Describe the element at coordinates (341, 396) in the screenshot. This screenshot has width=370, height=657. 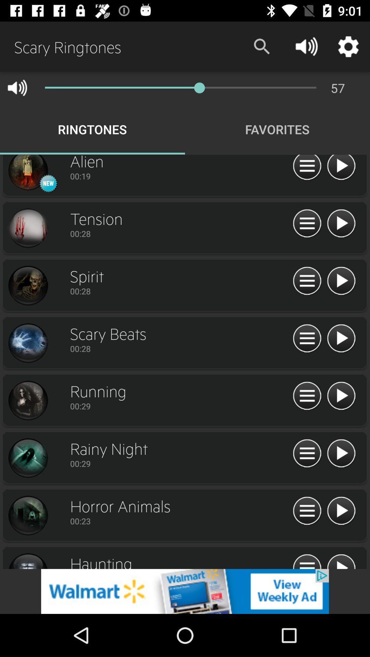
I see `plays the ringtone` at that location.